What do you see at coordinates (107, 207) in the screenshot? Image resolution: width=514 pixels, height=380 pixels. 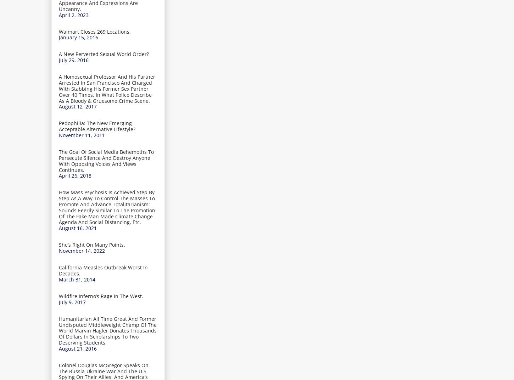 I see `'How Mass Psychosis Is Achieved Step By Step As A Way To Control The Masses To Promote And Advance Totalitarianism: Sounds Eeerily Similar To The Promotion Of The Fake Man Made Climate Change Agenda And Social Distancing, Etc.'` at bounding box center [107, 207].